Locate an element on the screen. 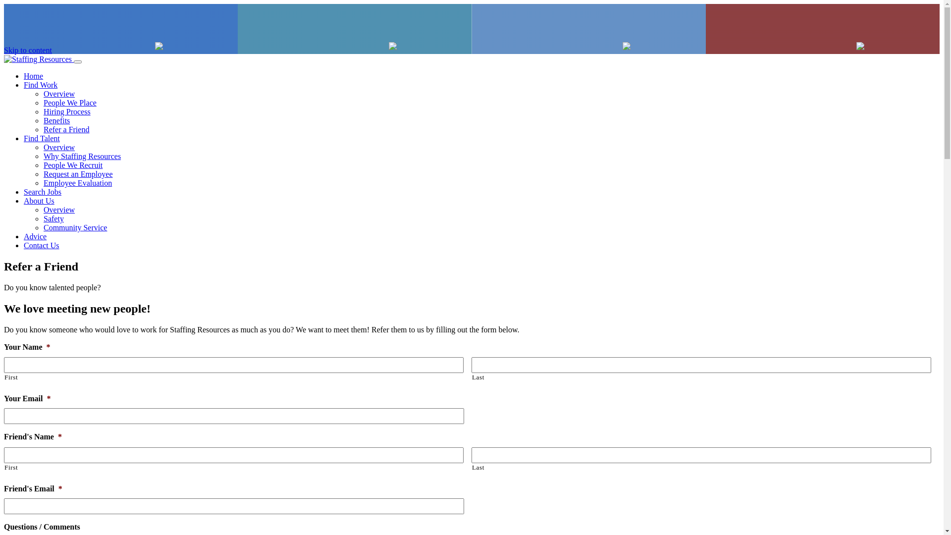 The width and height of the screenshot is (951, 535). 'Advice' is located at coordinates (35, 236).